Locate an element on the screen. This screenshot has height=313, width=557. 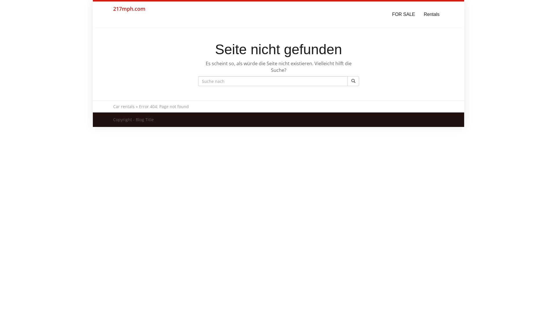
'217mph.com' is located at coordinates (108, 14).